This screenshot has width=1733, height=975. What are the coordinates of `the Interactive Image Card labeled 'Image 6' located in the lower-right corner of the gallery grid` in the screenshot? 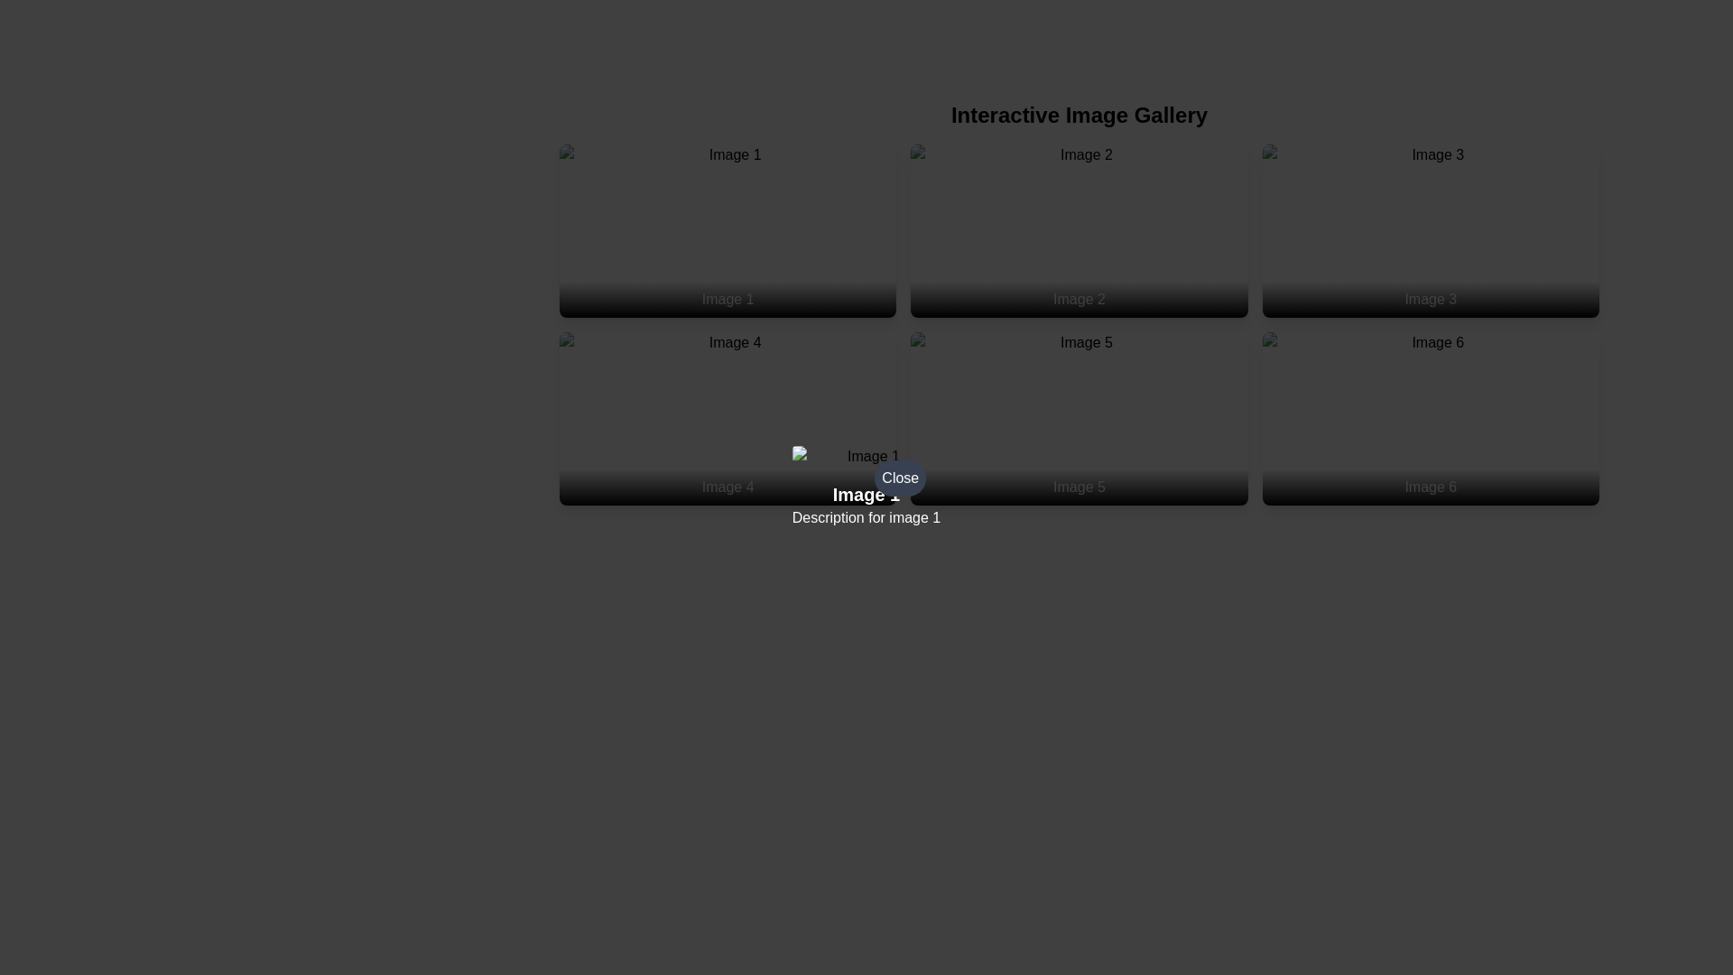 It's located at (1430, 418).